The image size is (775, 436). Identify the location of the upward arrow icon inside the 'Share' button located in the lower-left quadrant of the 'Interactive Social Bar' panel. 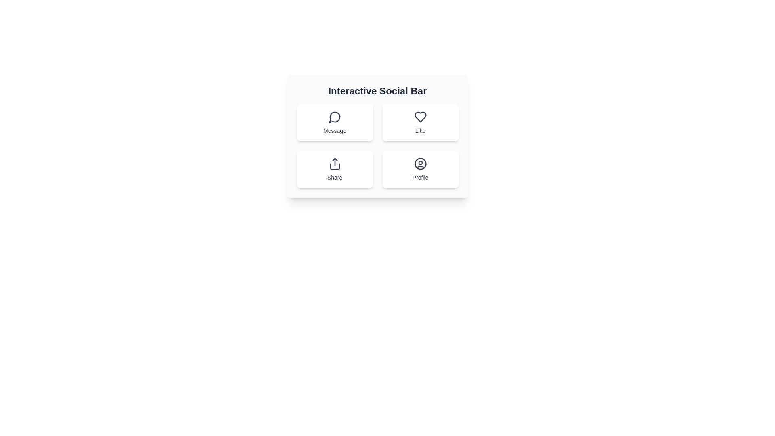
(335, 163).